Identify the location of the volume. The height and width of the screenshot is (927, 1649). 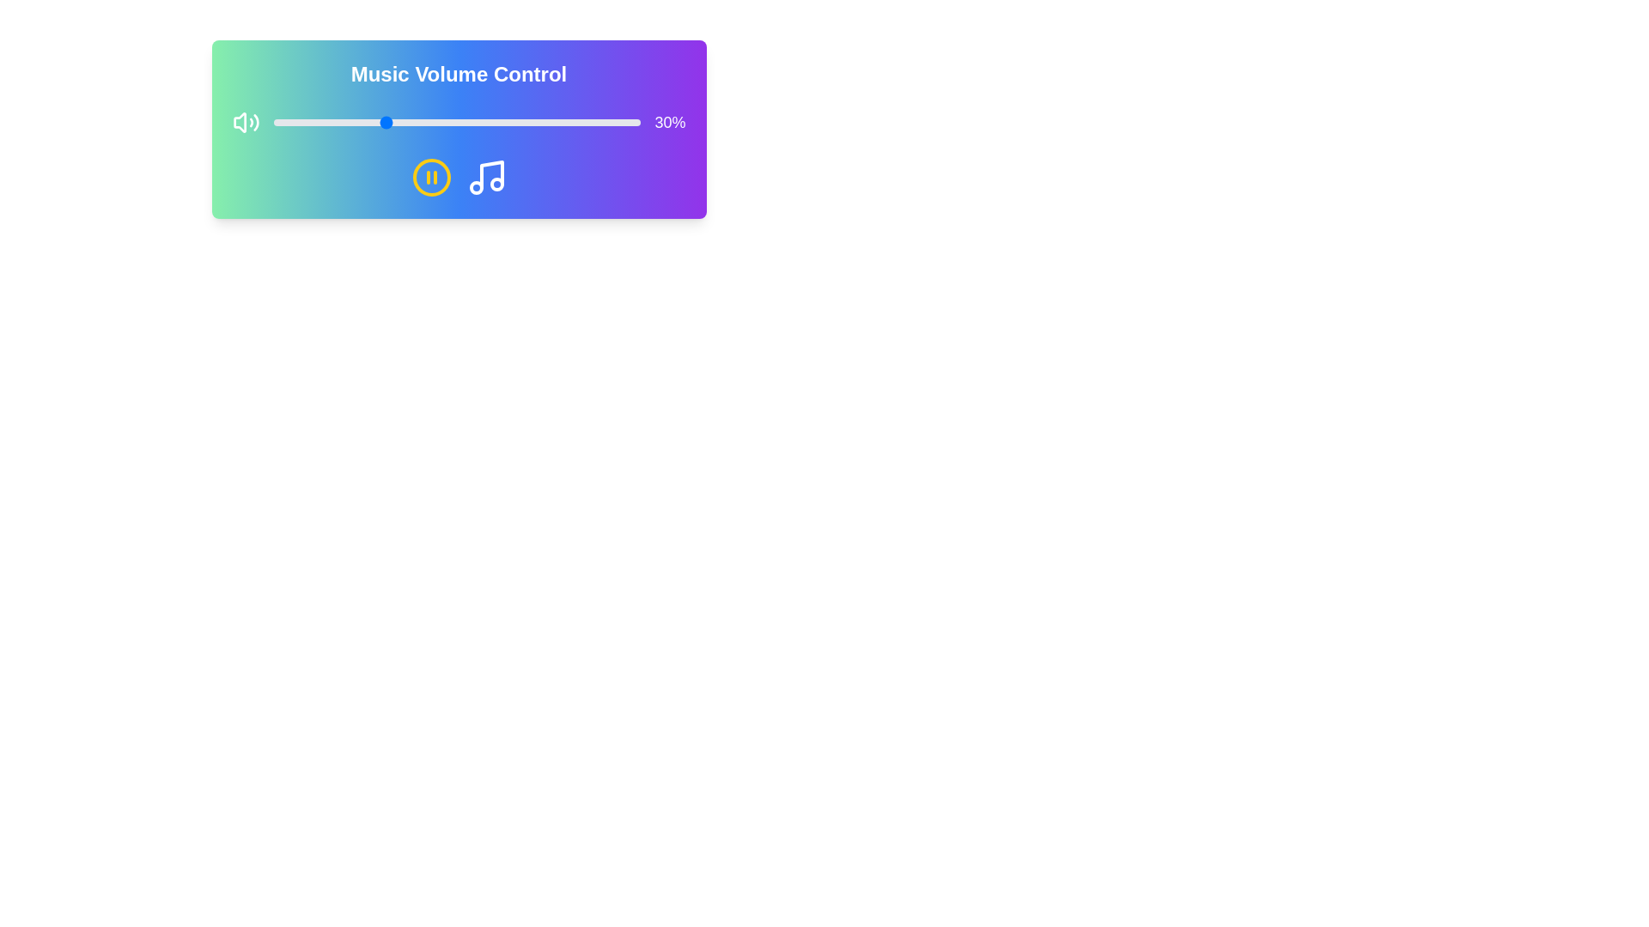
(585, 121).